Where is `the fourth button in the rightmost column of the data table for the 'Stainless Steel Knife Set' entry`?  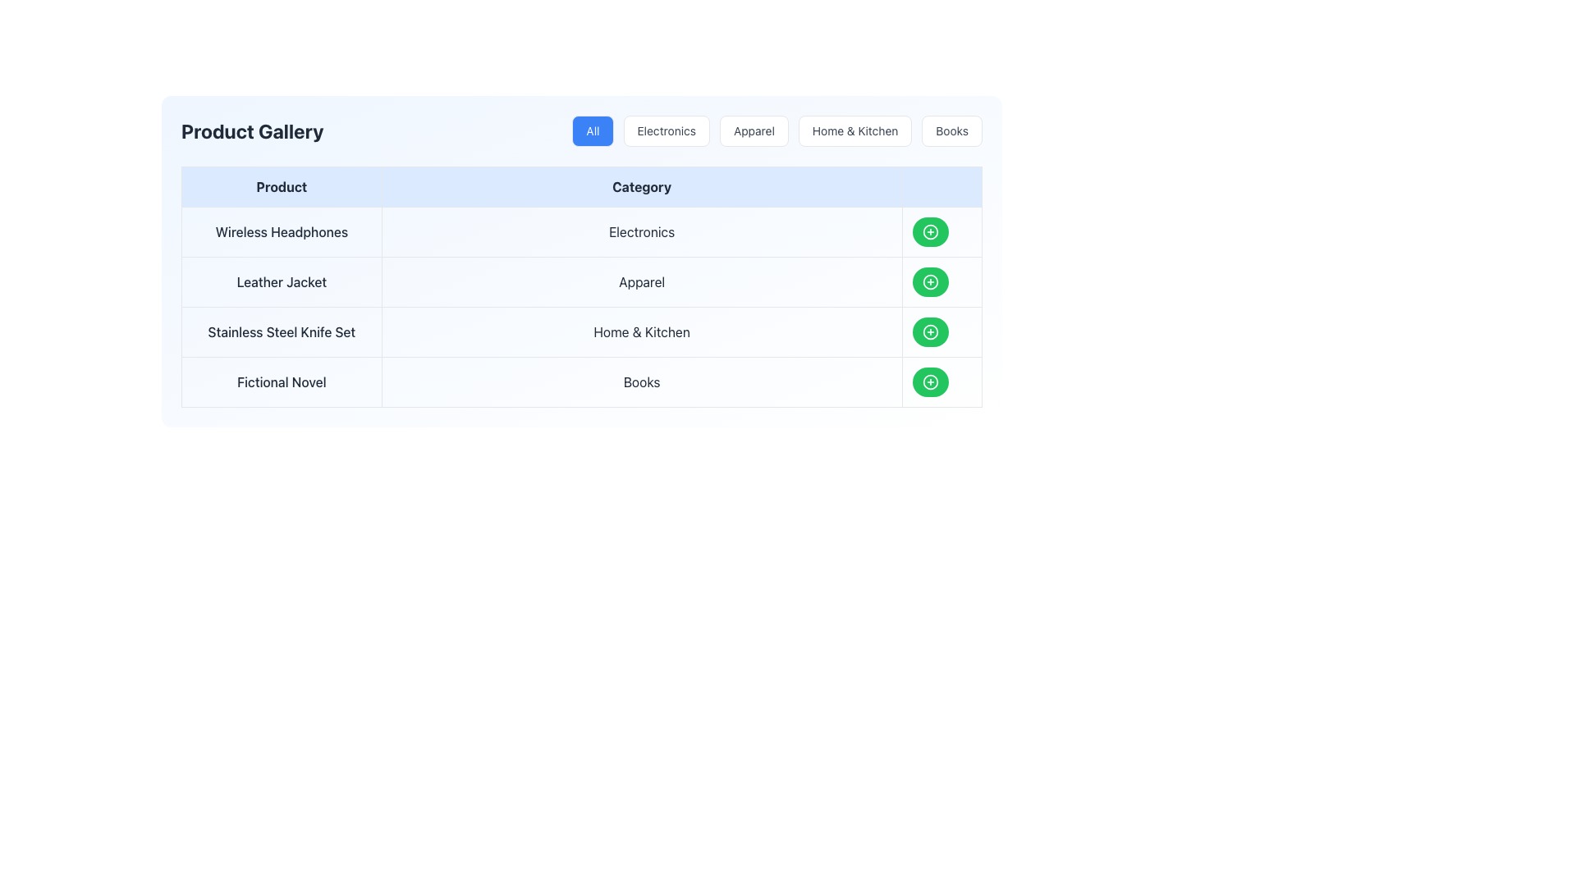
the fourth button in the rightmost column of the data table for the 'Stainless Steel Knife Set' entry is located at coordinates (930, 332).